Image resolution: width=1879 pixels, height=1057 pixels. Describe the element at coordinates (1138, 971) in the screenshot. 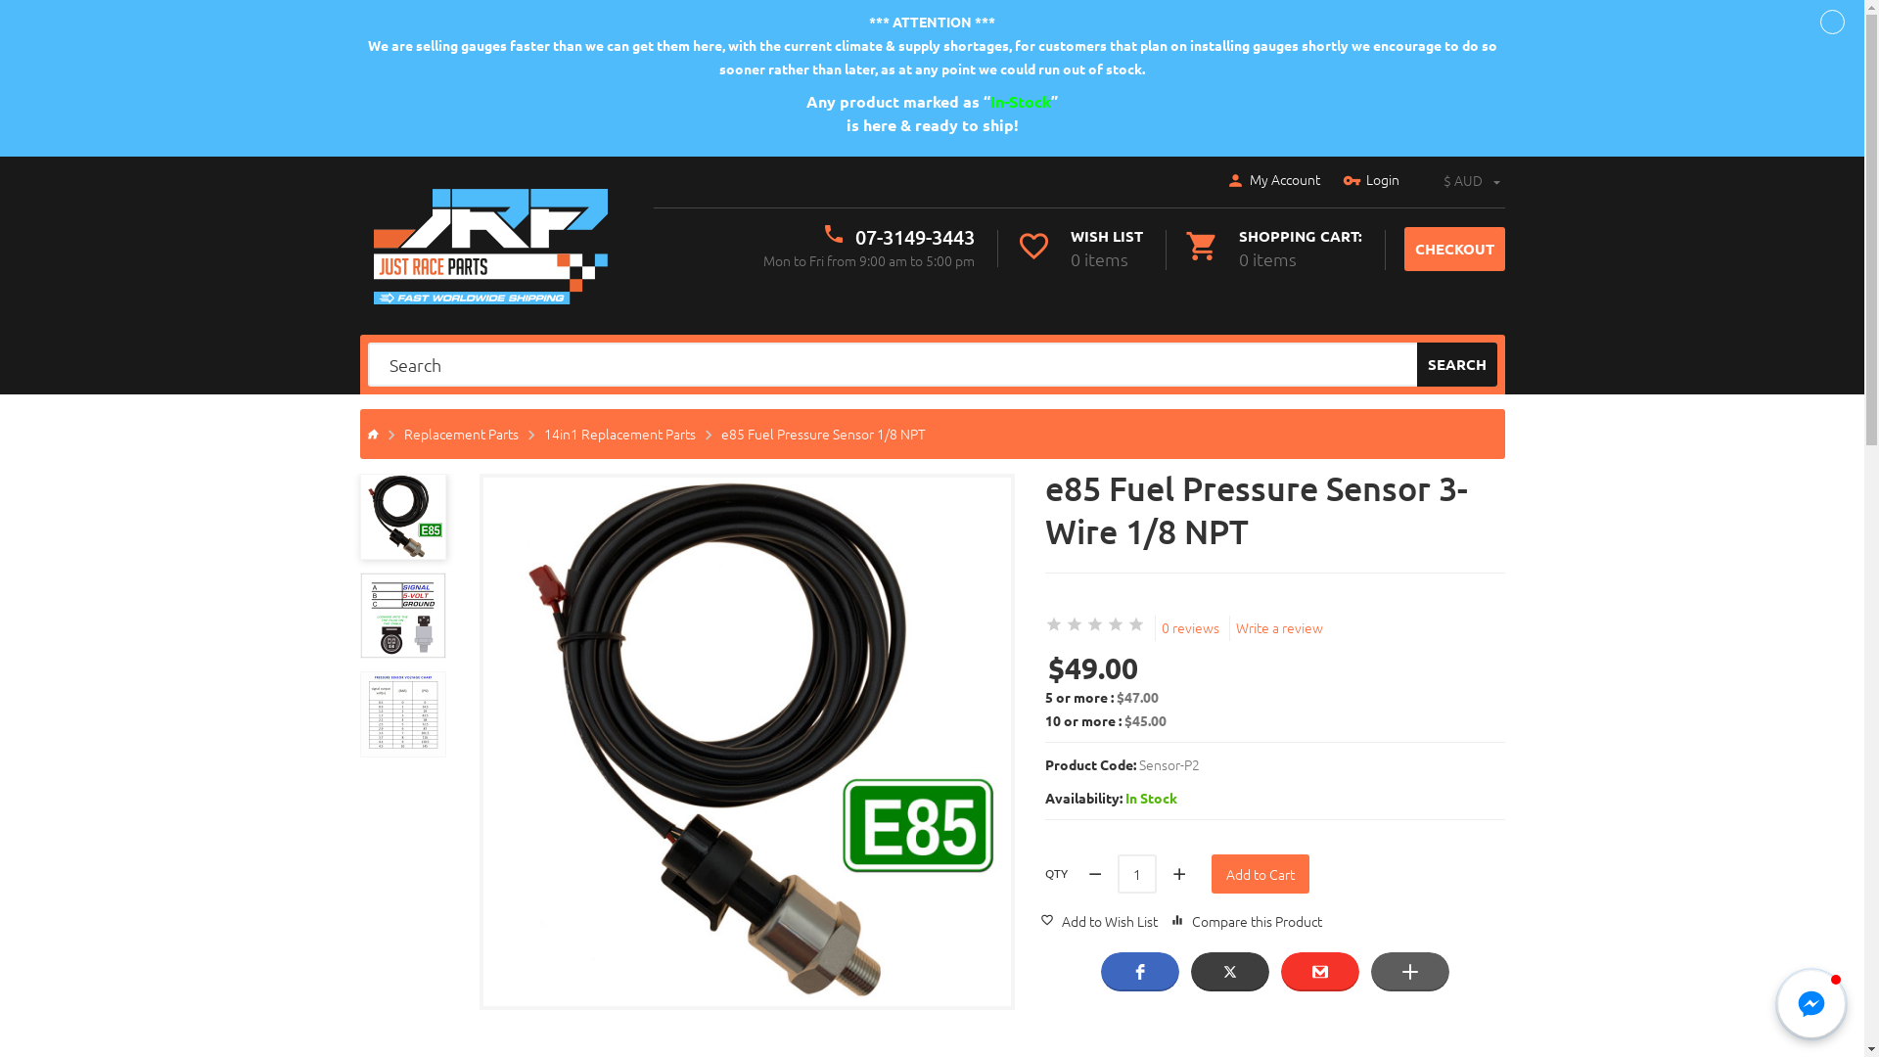

I see `'Facebook'` at that location.